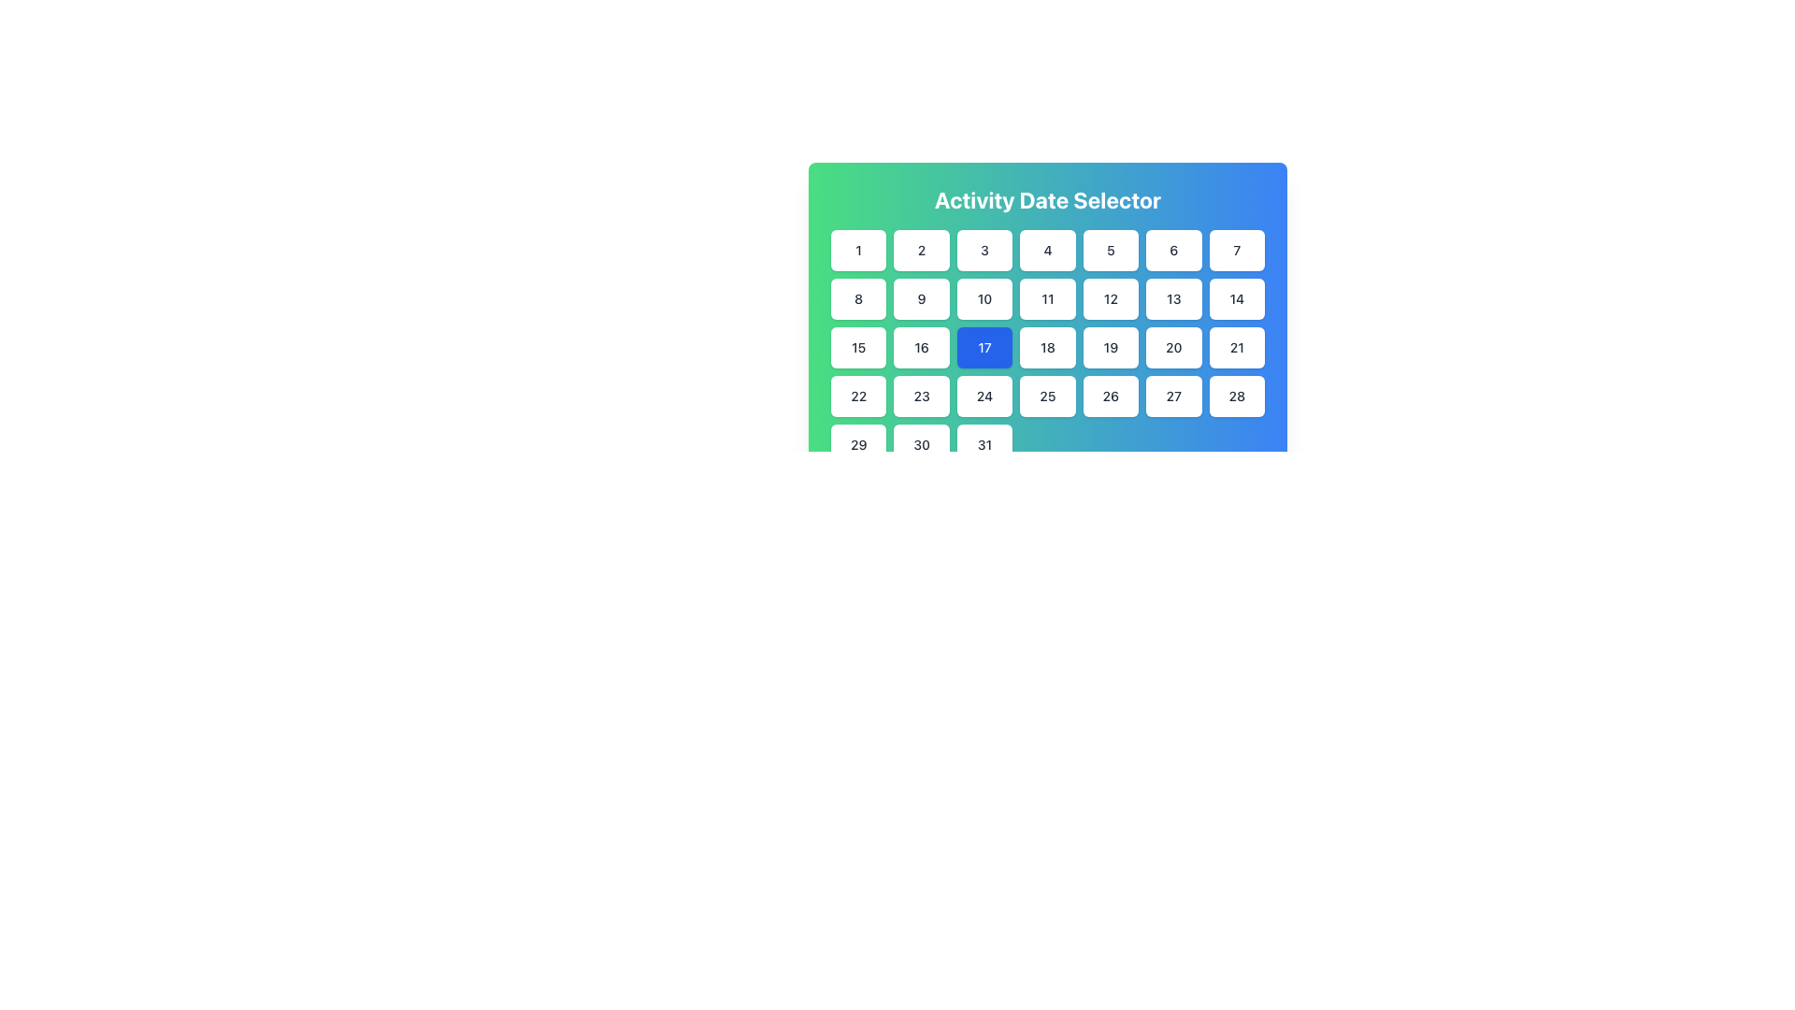 Image resolution: width=1795 pixels, height=1010 pixels. What do you see at coordinates (1047, 347) in the screenshot?
I see `the square button displaying the number '18' in a date selector` at bounding box center [1047, 347].